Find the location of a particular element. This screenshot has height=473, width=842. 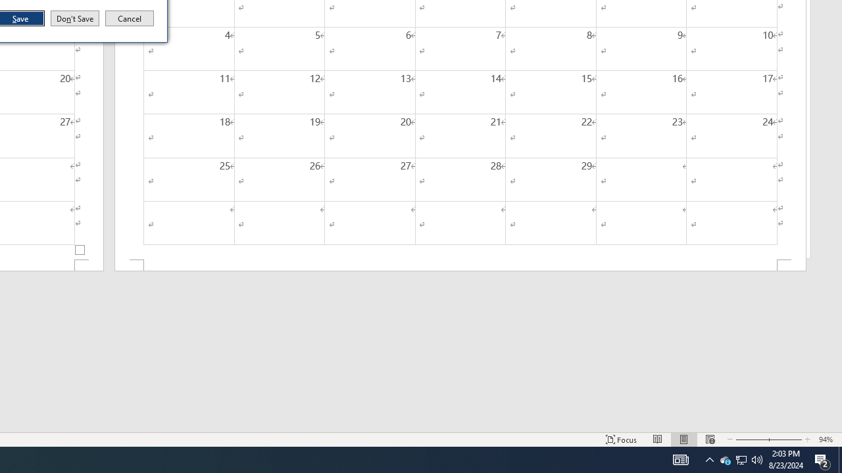

'Web Layout' is located at coordinates (709, 459).